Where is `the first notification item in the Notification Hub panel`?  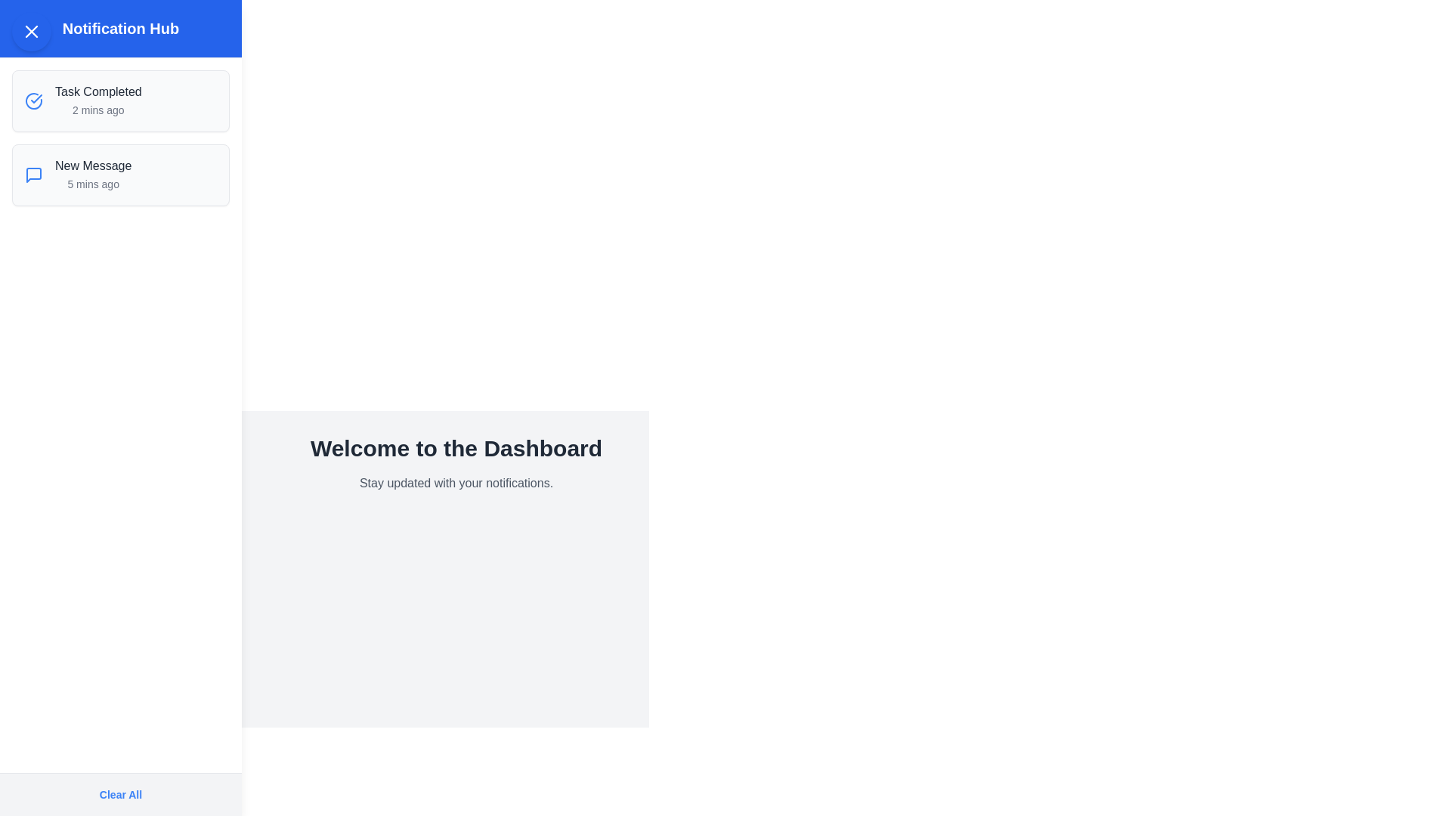
the first notification item in the Notification Hub panel is located at coordinates (119, 101).